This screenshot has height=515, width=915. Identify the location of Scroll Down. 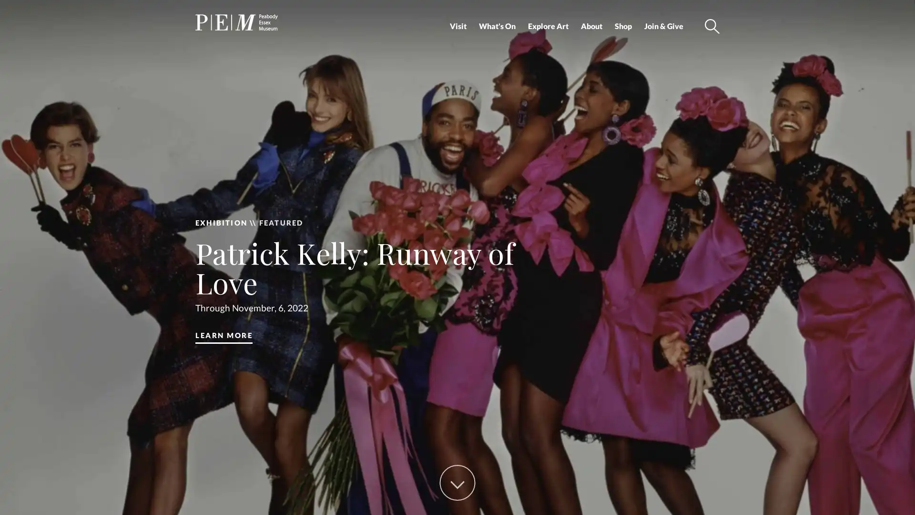
(457, 483).